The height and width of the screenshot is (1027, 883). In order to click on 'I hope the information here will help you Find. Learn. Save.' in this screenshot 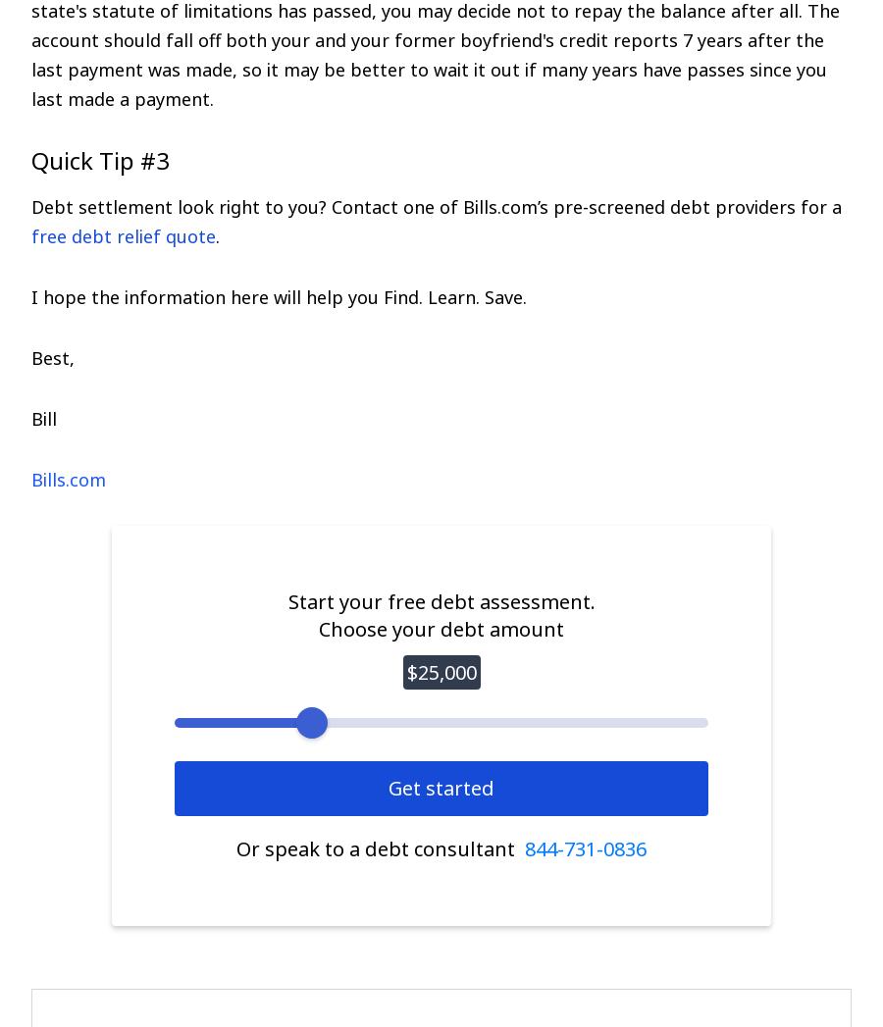, I will do `click(278, 296)`.